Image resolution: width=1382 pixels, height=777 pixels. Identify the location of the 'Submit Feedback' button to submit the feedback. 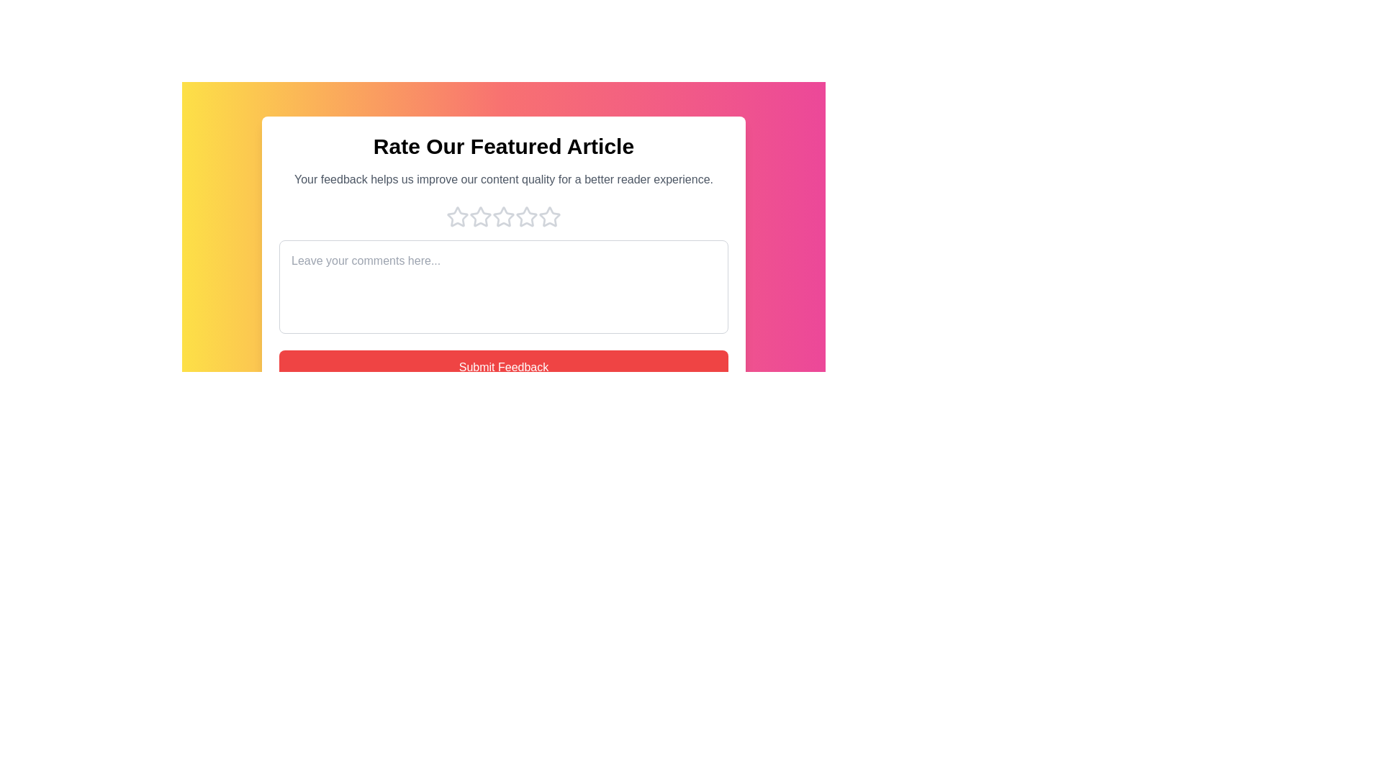
(504, 366).